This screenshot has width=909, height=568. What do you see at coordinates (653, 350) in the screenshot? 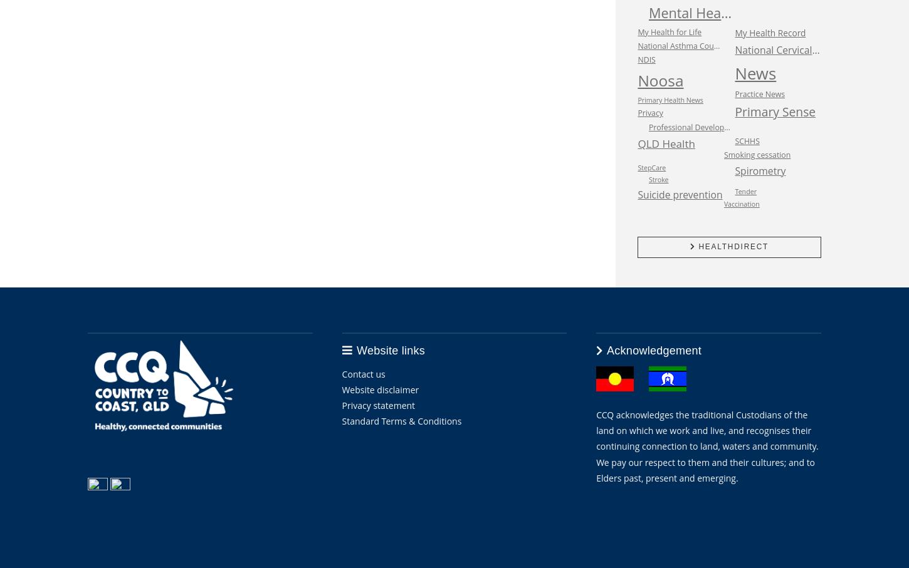
I see `'Acknowledgement'` at bounding box center [653, 350].